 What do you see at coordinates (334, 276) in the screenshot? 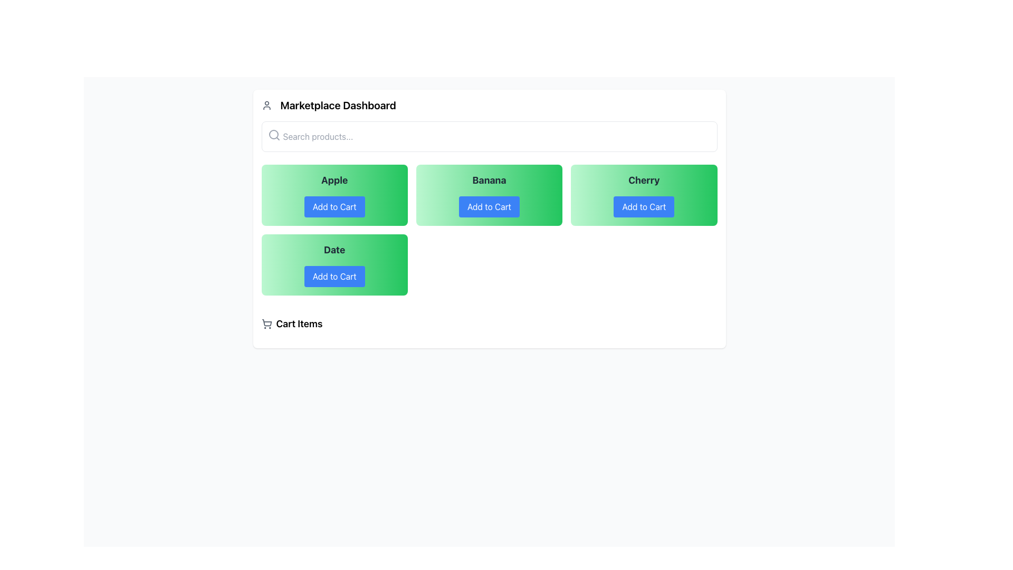
I see `the 'Add to Cart' blue button located within the green gradient block labeled 'Date' using keyboard navigation` at bounding box center [334, 276].